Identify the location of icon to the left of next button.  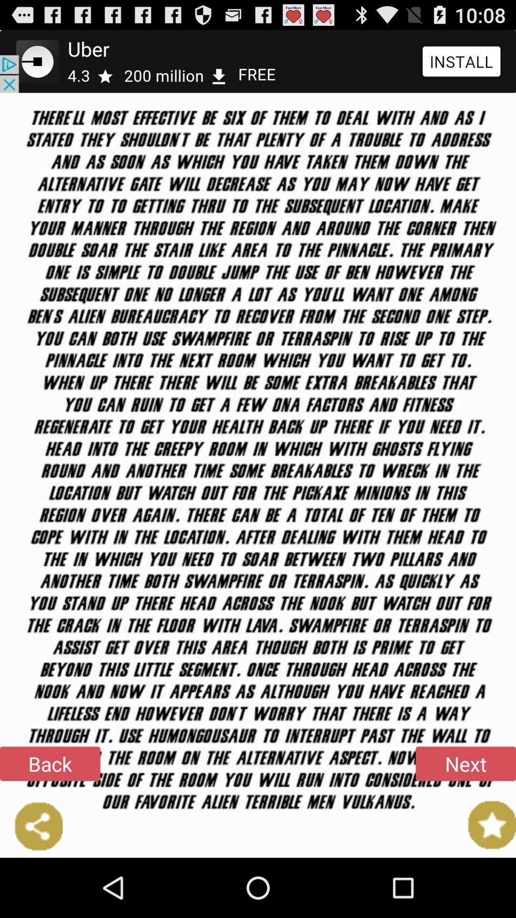
(50, 763).